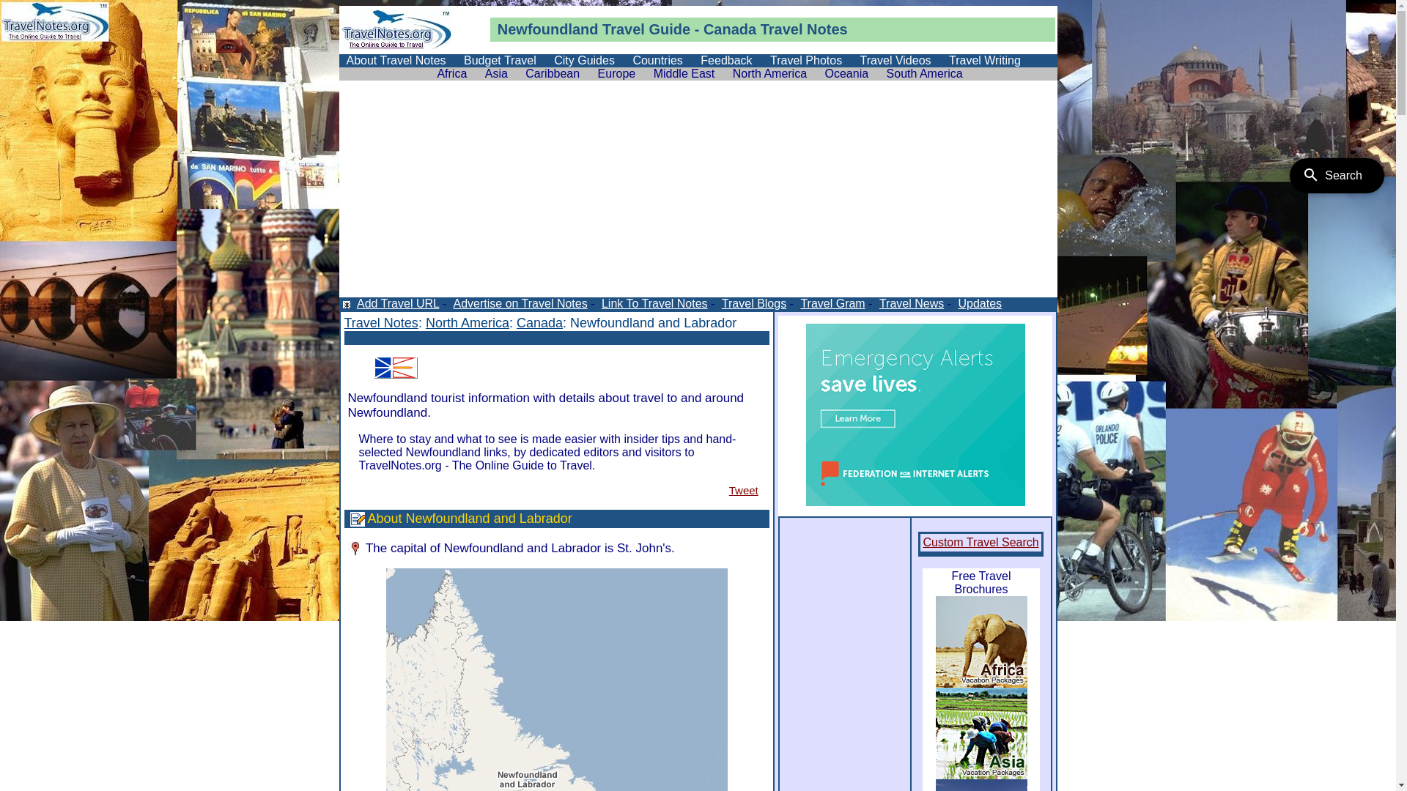 Image resolution: width=1407 pixels, height=791 pixels. What do you see at coordinates (895, 59) in the screenshot?
I see `'Travel Videos'` at bounding box center [895, 59].